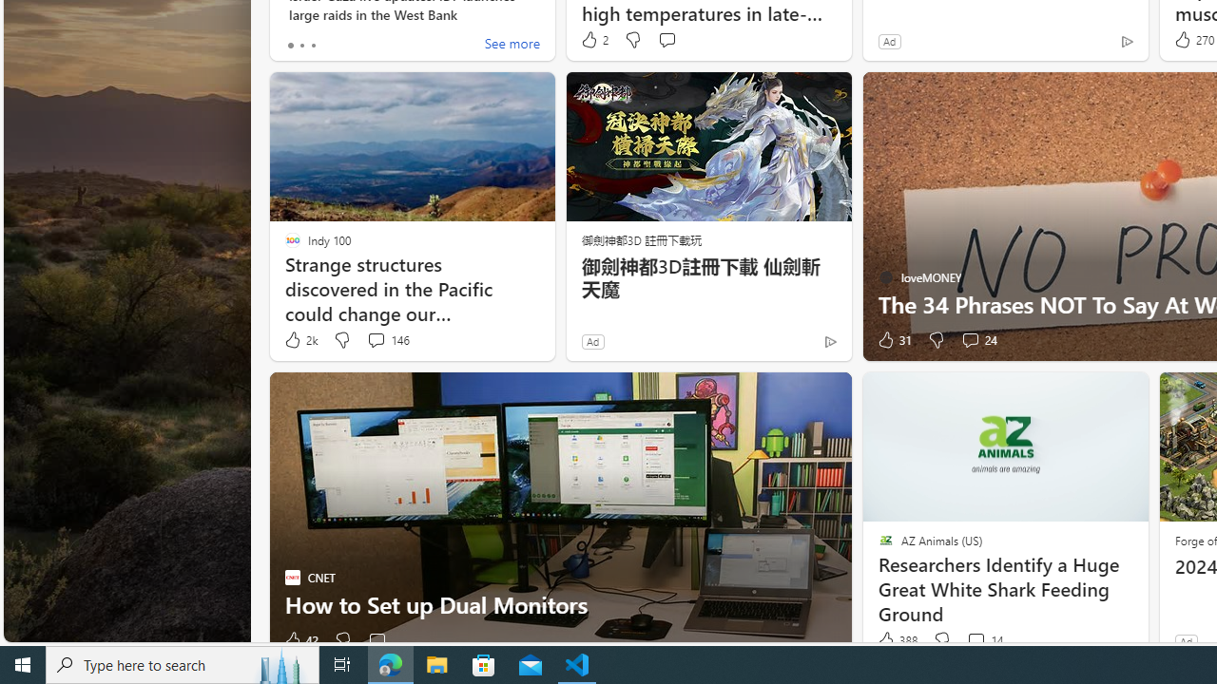  What do you see at coordinates (895, 640) in the screenshot?
I see `'388 Like'` at bounding box center [895, 640].